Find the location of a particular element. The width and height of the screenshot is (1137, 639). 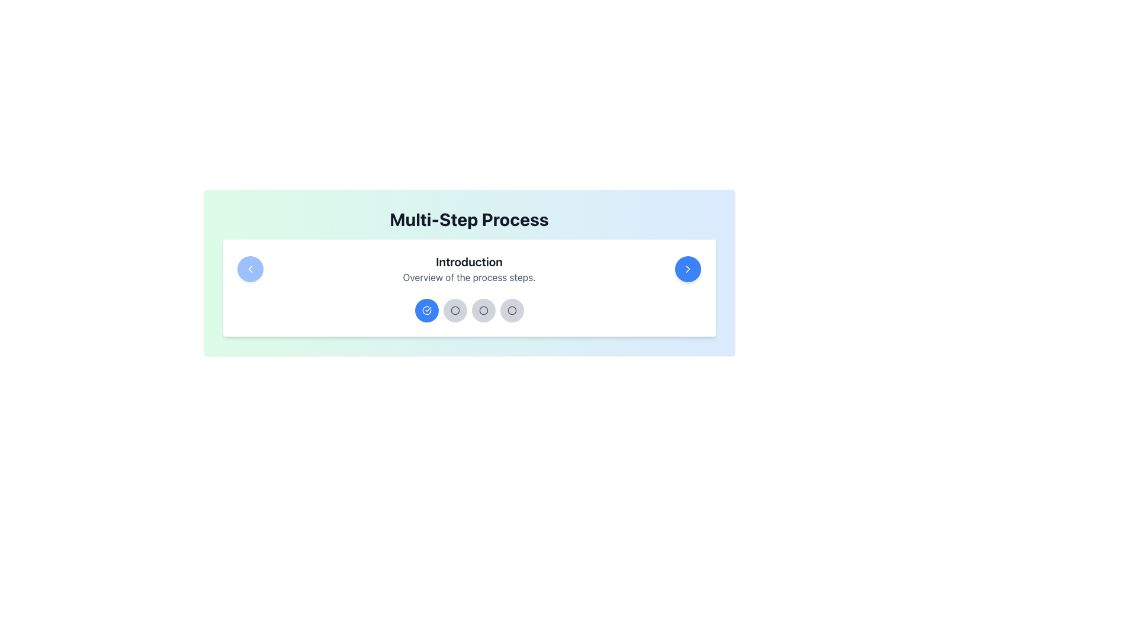

the third step indicator button is located at coordinates (454, 309).